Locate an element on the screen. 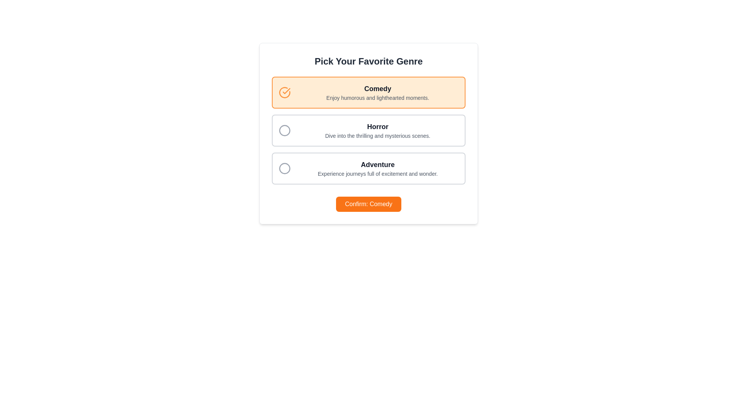 Image resolution: width=729 pixels, height=410 pixels. text label that says 'Experience journeys full of excitement and wonder.' located below the title 'Adventure' in the third option of the genre list is located at coordinates (377, 174).